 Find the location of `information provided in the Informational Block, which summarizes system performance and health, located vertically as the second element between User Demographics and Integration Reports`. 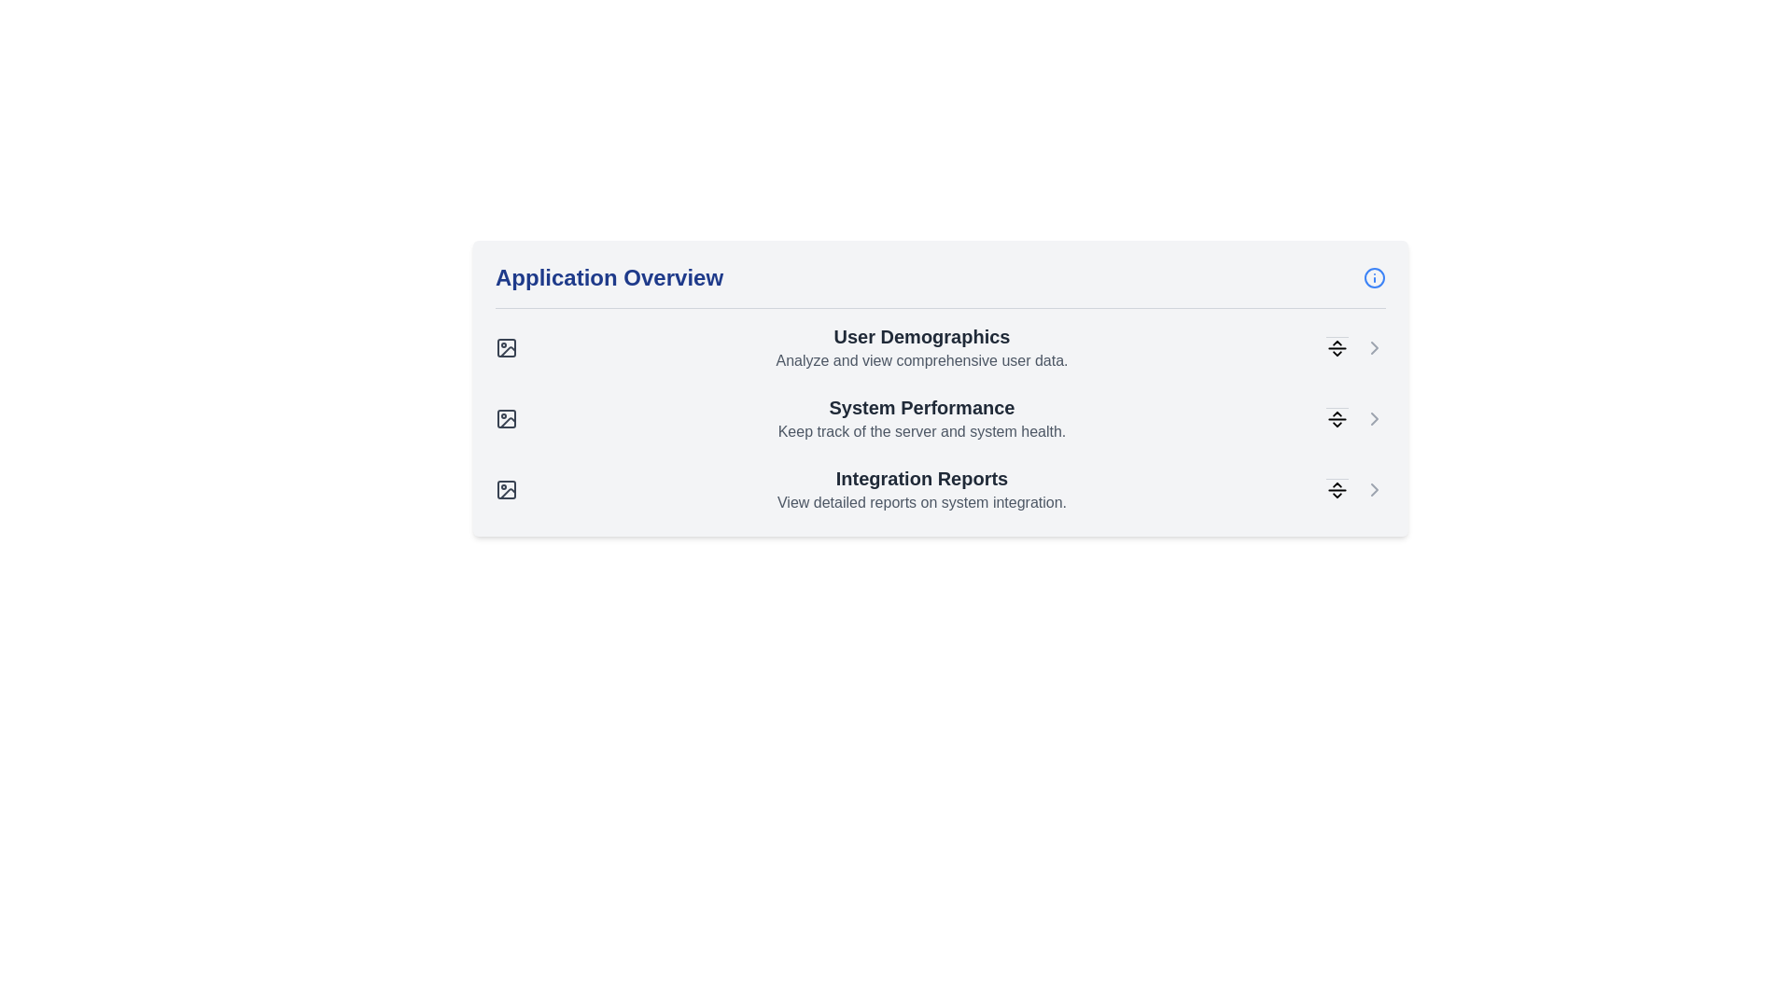

information provided in the Informational Block, which summarizes system performance and health, located vertically as the second element between User Demographics and Integration Reports is located at coordinates (922, 417).